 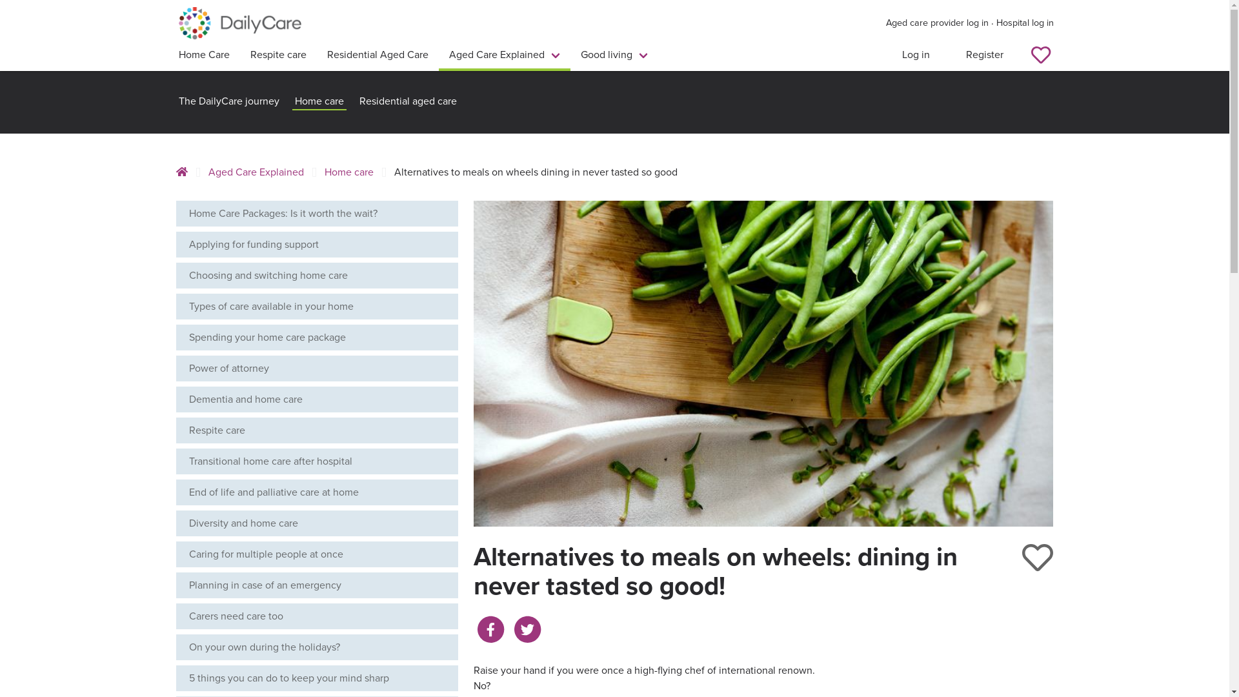 I want to click on 'Good living', so click(x=613, y=56).